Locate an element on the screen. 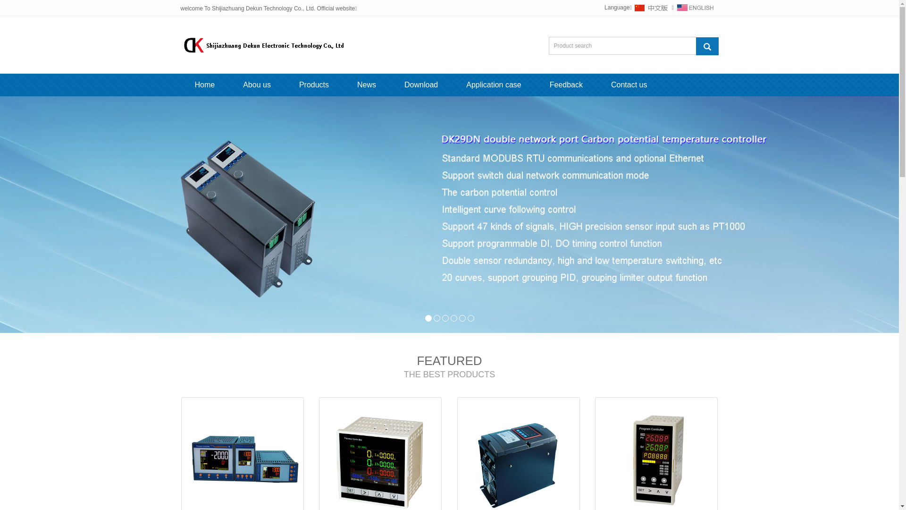  'Application case' is located at coordinates (493, 85).